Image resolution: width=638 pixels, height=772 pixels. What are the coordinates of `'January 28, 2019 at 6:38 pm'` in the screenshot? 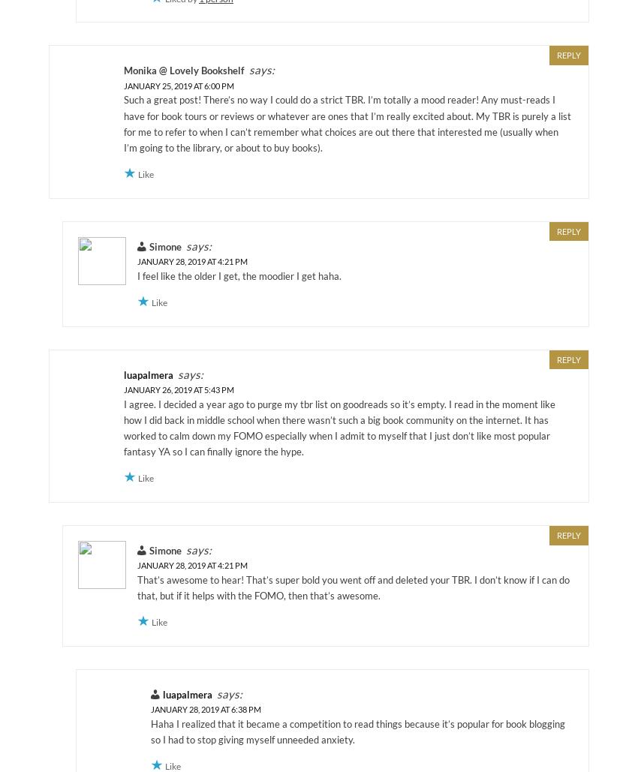 It's located at (205, 709).